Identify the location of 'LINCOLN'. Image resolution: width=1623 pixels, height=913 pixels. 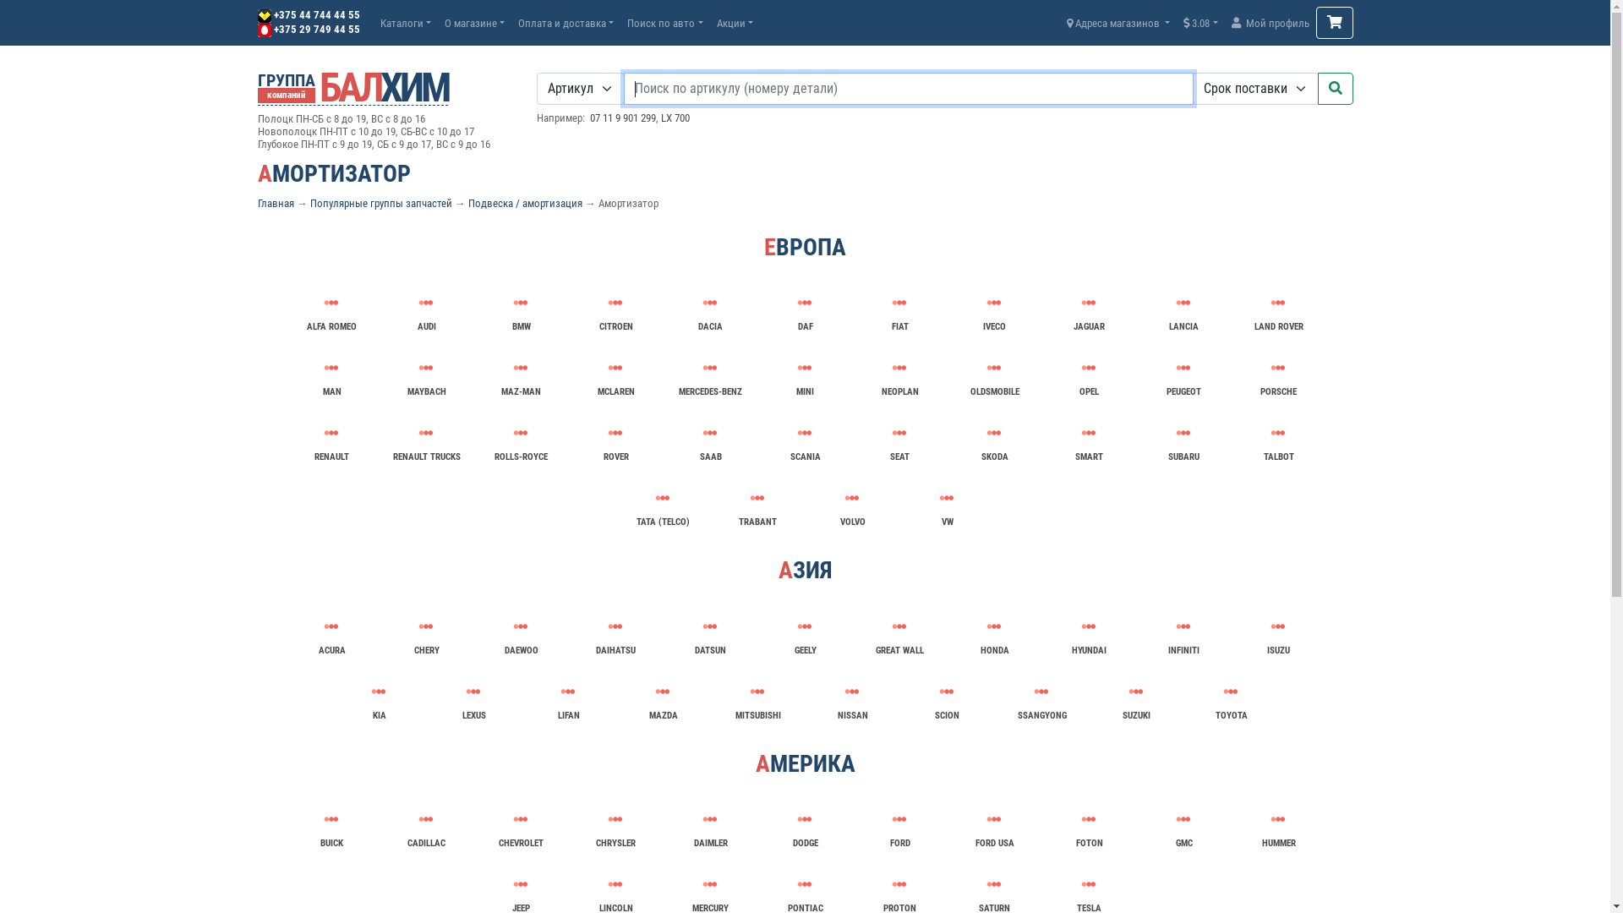
(615, 883).